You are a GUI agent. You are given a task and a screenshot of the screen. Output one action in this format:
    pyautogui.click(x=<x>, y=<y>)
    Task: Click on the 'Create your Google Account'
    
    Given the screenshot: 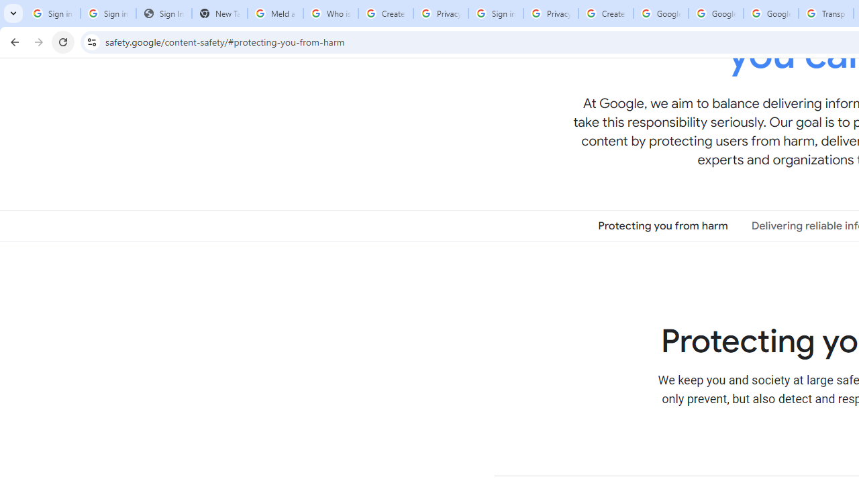 What is the action you would take?
    pyautogui.click(x=605, y=13)
    